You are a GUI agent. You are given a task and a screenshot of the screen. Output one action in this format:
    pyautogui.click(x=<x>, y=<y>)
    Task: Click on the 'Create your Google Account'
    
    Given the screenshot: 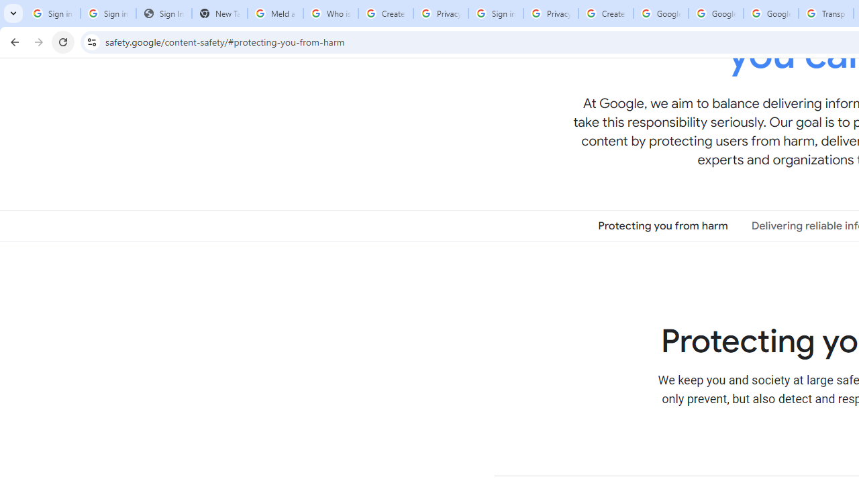 What is the action you would take?
    pyautogui.click(x=605, y=13)
    